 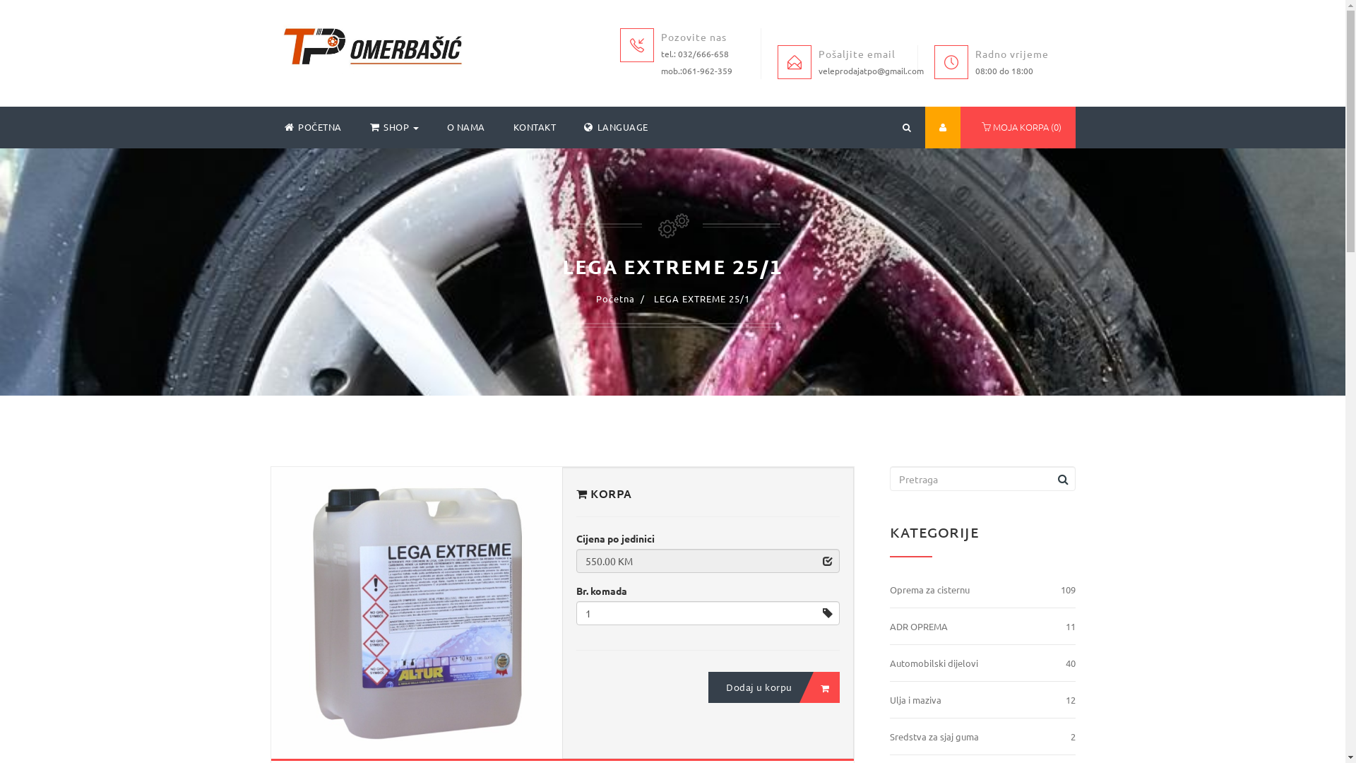 I want to click on 'MOJA KORPA (0)', so click(x=1018, y=127).